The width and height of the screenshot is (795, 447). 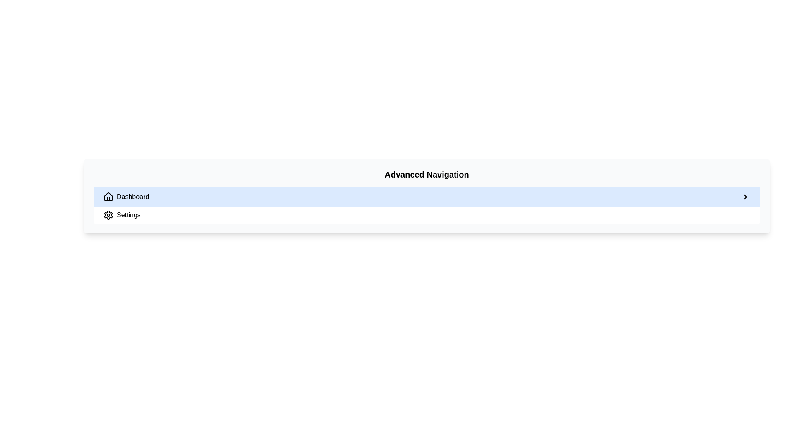 I want to click on the home/dashboard icon located to the left of the 'Dashboard' label in the navigation list, so click(x=108, y=196).